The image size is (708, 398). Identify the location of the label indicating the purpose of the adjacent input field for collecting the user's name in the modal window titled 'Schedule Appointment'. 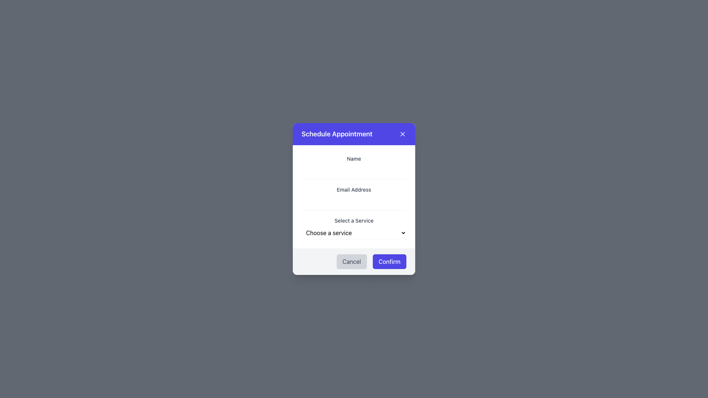
(354, 158).